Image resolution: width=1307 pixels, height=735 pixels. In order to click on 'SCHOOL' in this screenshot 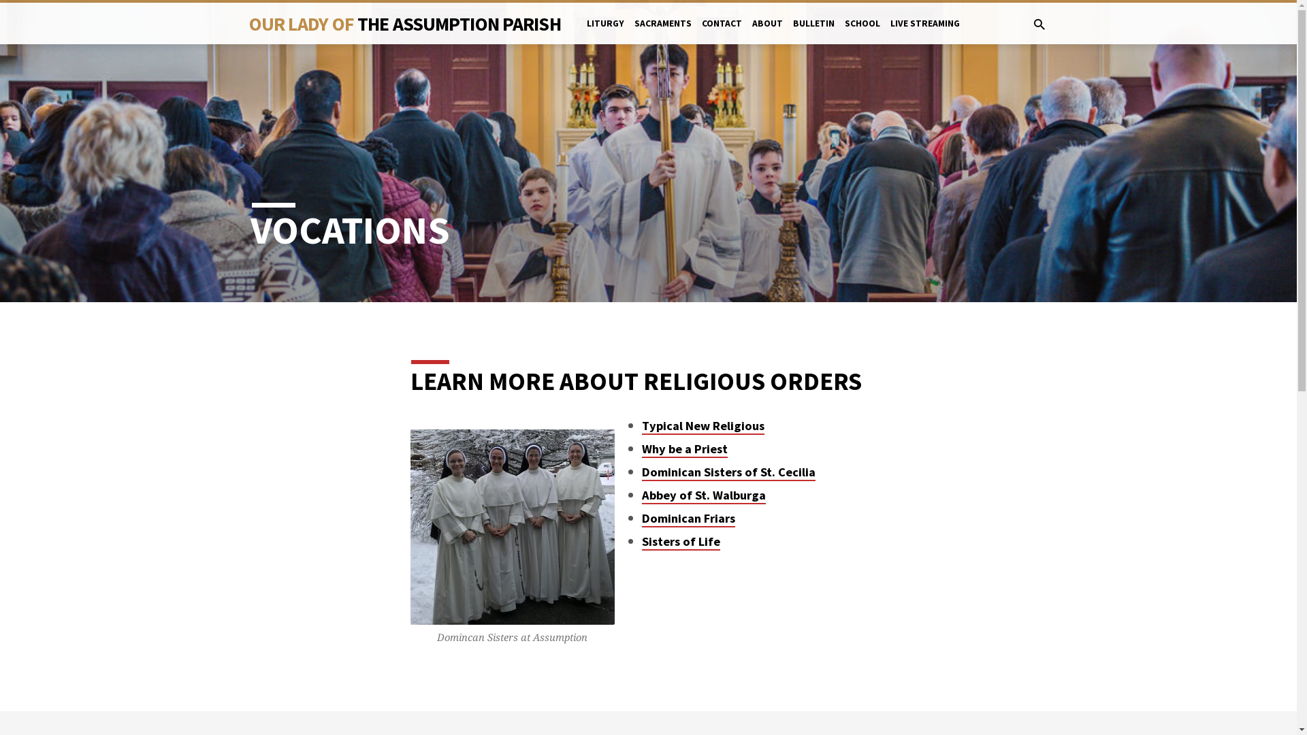, I will do `click(862, 31)`.